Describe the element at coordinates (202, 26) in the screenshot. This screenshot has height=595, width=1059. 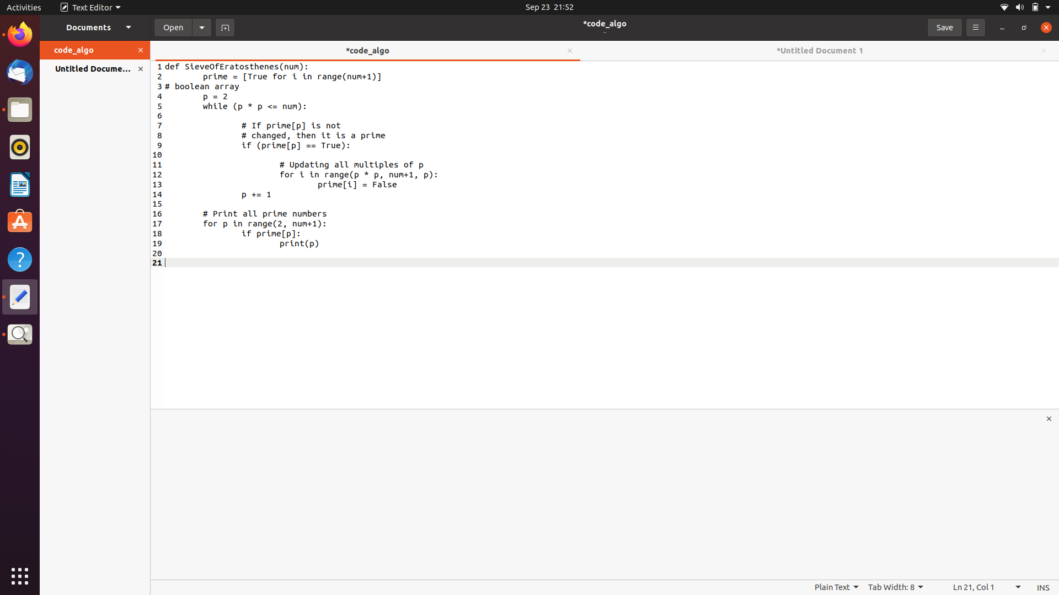
I see `the configurations for the button to open document` at that location.